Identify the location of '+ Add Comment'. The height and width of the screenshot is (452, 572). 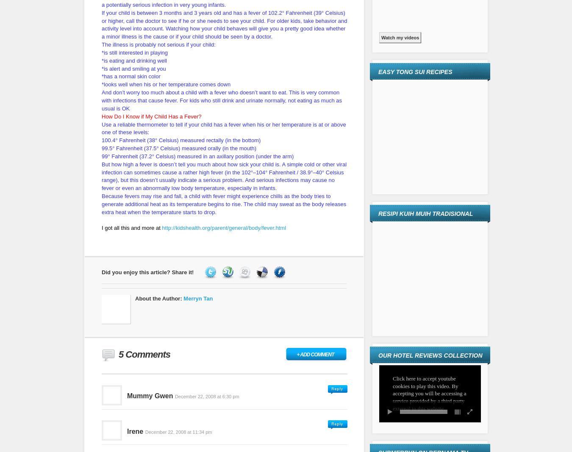
(314, 354).